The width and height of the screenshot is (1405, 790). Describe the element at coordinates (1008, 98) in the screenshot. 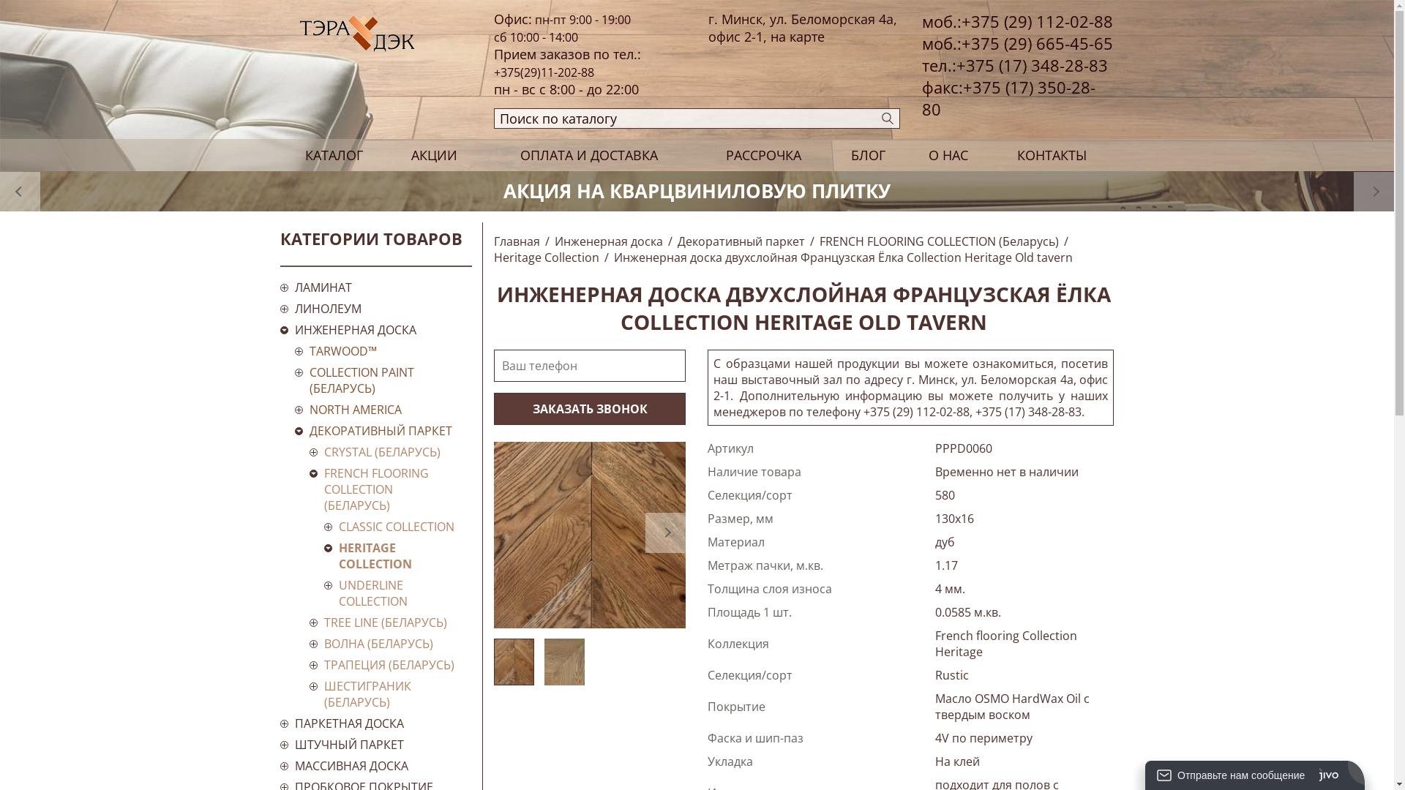

I see `'+375 (17) 350-28-80'` at that location.